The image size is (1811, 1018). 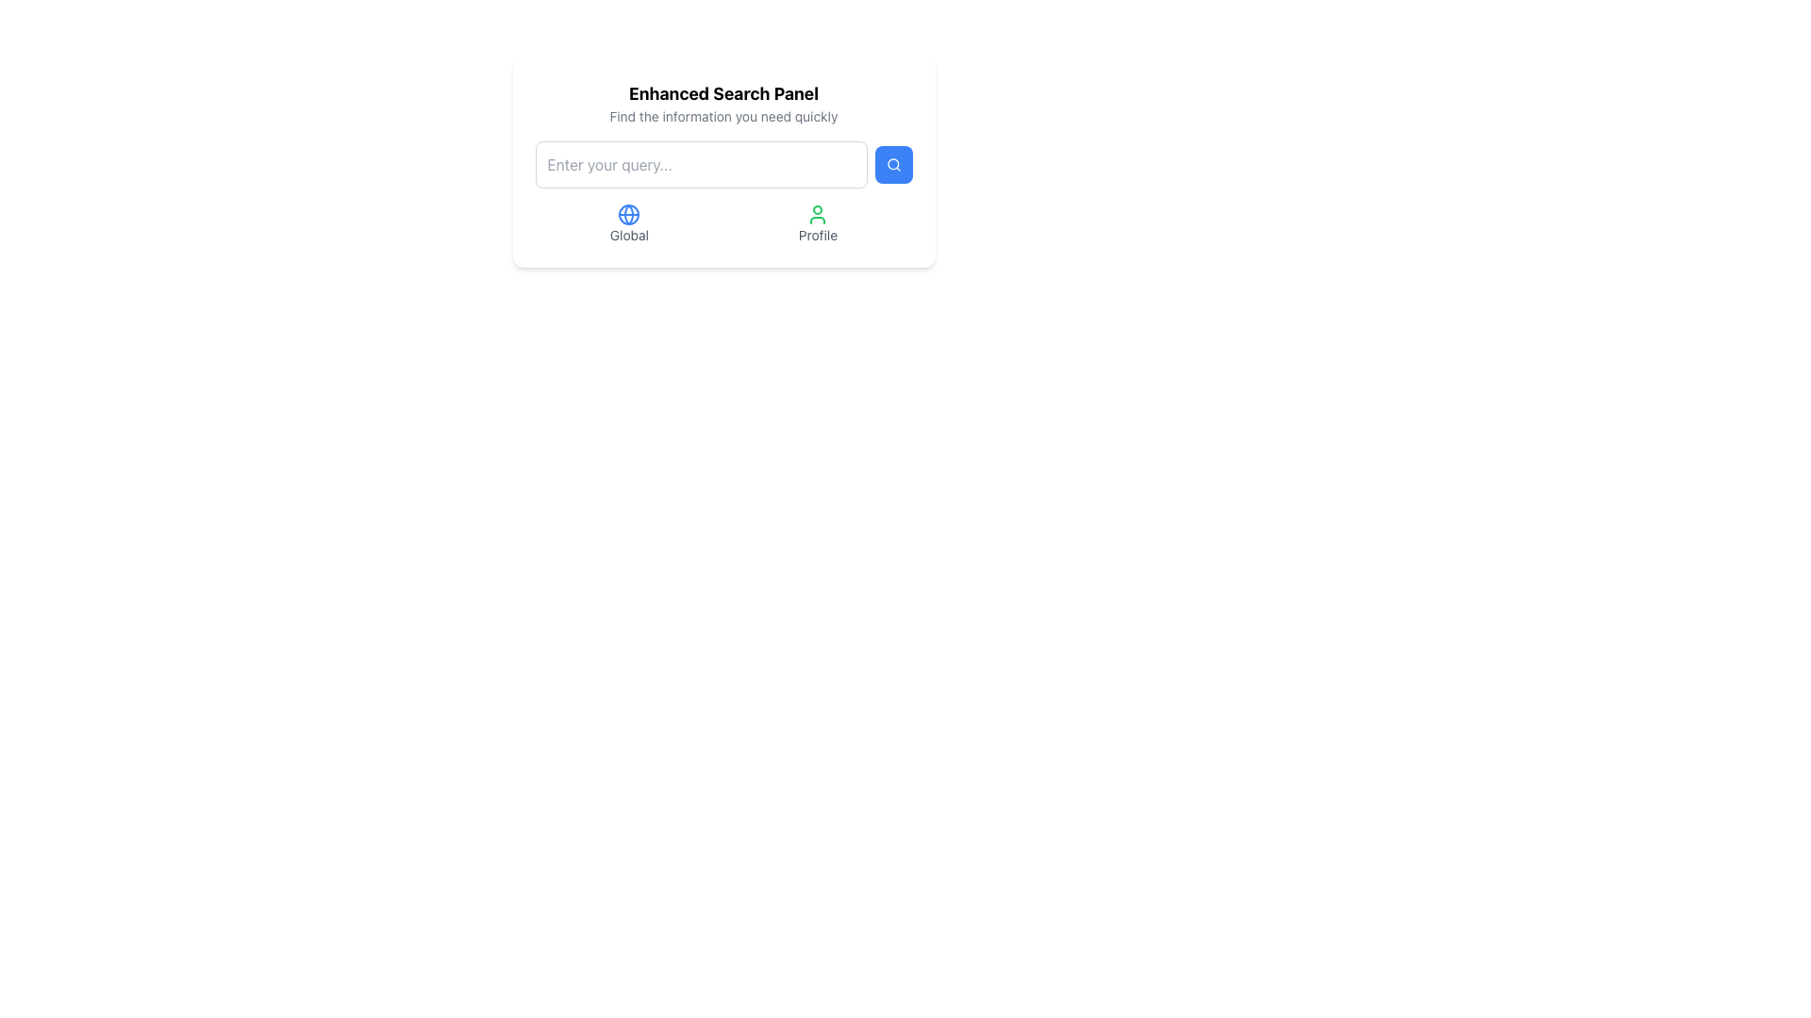 I want to click on the blue globe icon button labeled 'Global', so click(x=629, y=223).